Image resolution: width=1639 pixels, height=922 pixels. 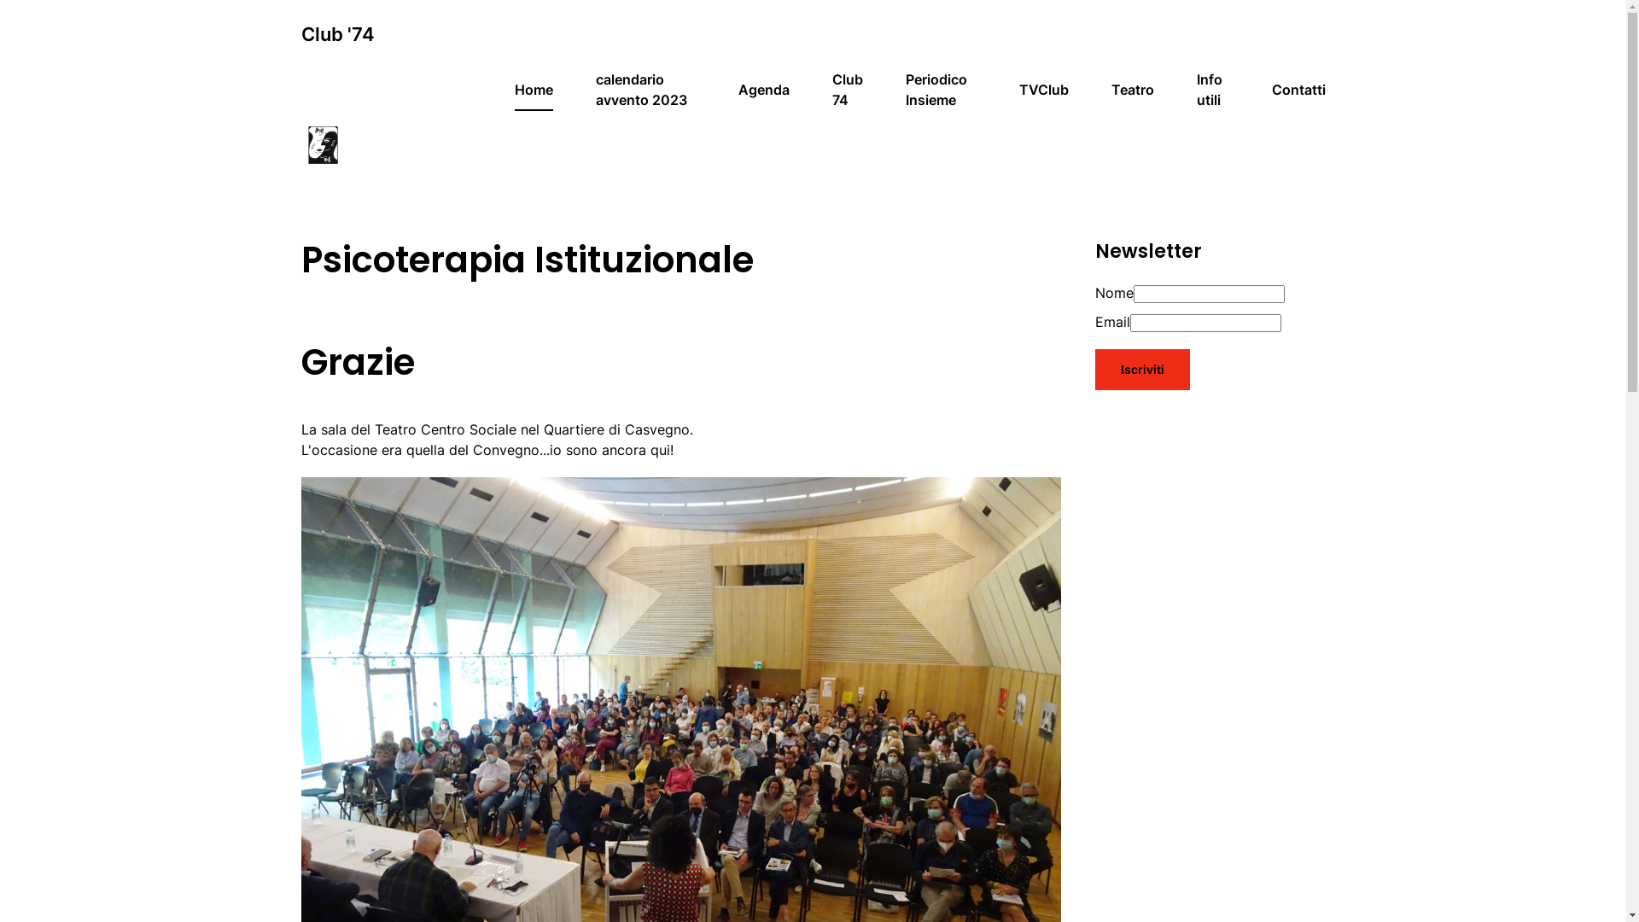 What do you see at coordinates (1195, 89) in the screenshot?
I see `'Info utili'` at bounding box center [1195, 89].